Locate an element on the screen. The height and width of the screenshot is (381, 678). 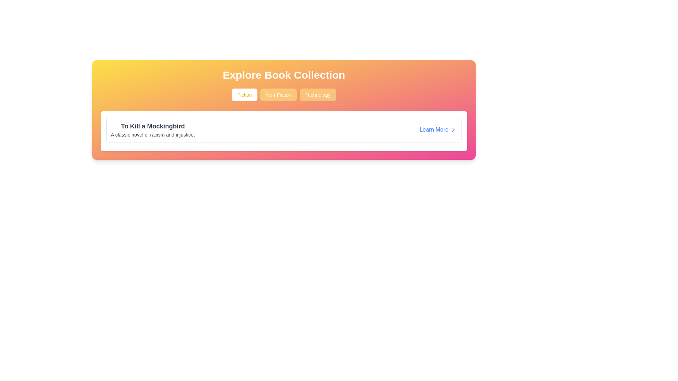
the hyperlink button that links to additional information about the book 'To Kill a Mockingbird' is located at coordinates (438, 129).